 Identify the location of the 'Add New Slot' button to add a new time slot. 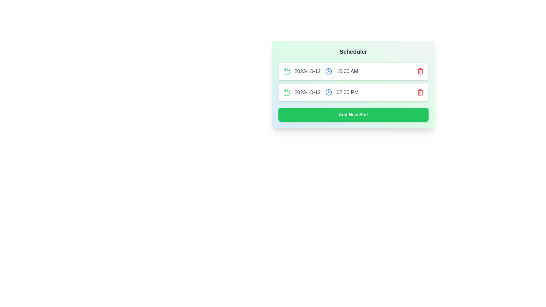
(353, 115).